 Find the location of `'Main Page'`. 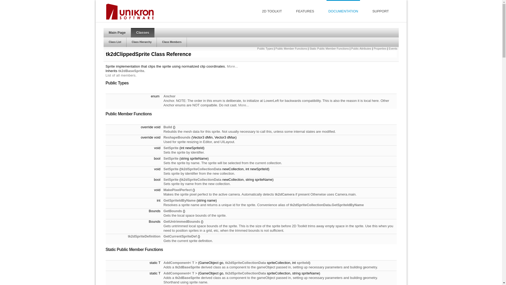

'Main Page' is located at coordinates (117, 32).